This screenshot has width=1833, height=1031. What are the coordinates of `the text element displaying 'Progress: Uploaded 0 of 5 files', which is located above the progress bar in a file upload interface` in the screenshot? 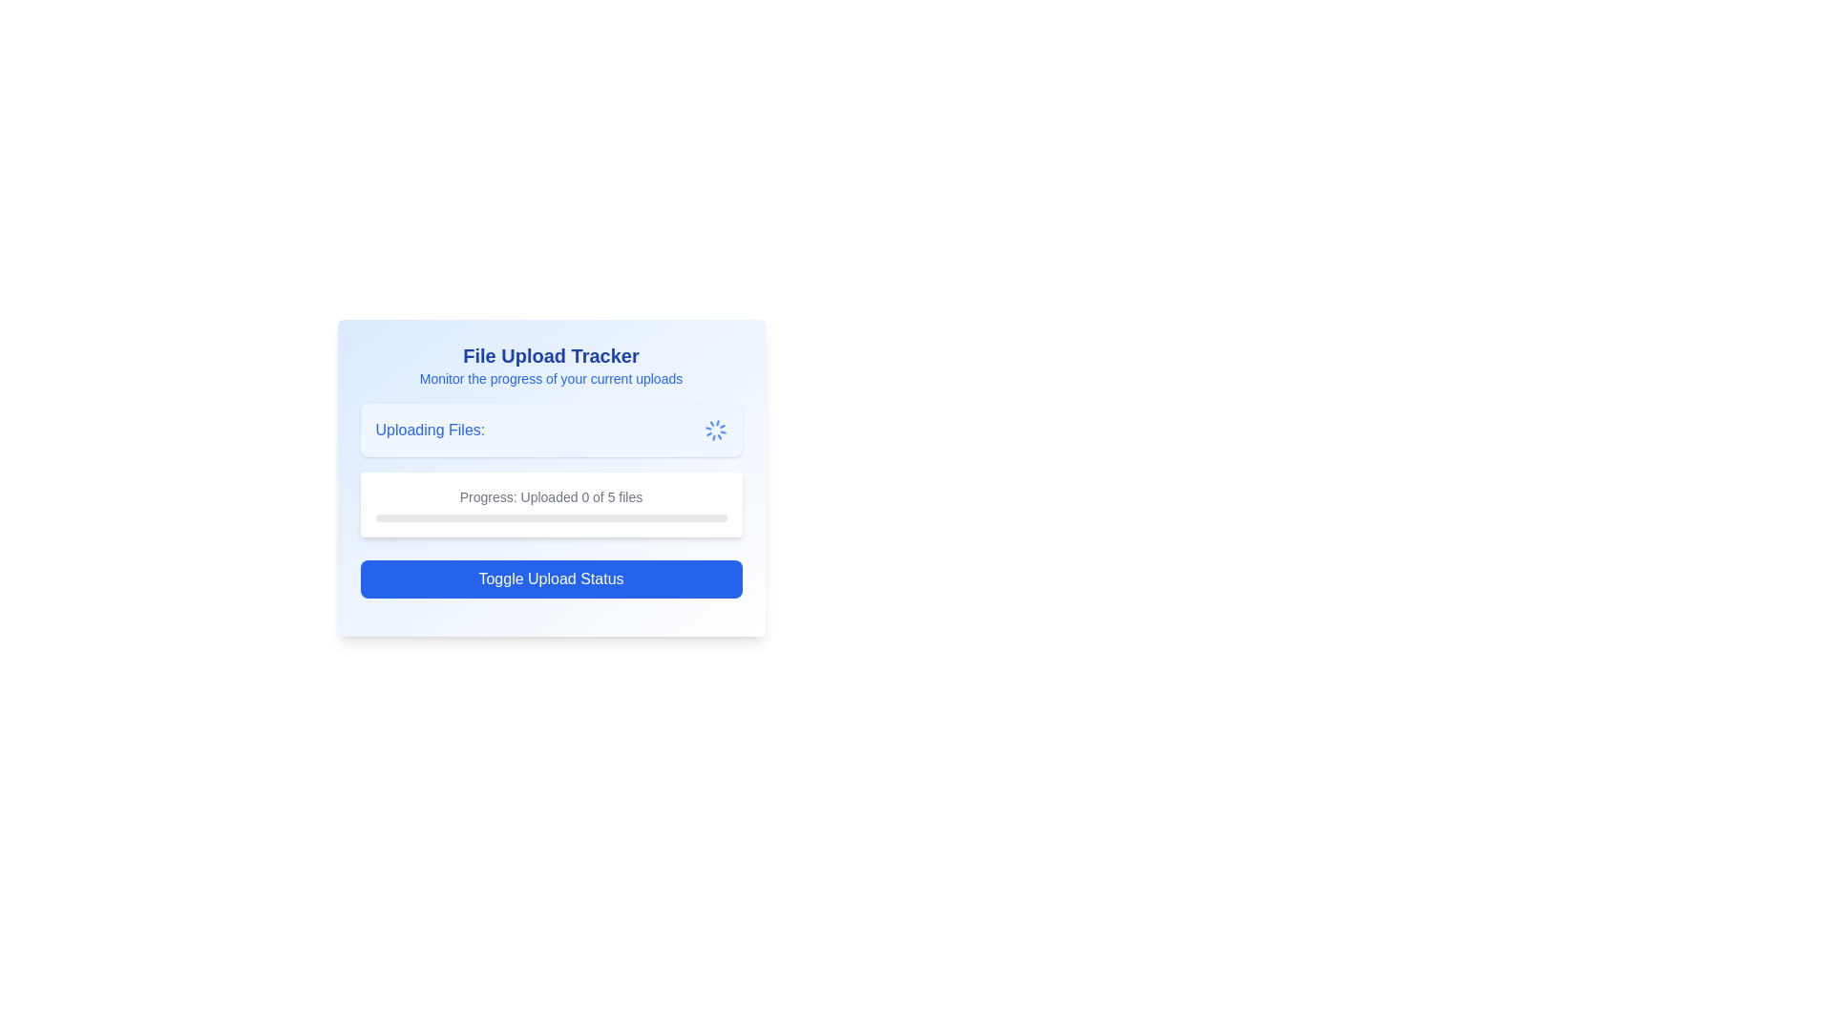 It's located at (550, 495).